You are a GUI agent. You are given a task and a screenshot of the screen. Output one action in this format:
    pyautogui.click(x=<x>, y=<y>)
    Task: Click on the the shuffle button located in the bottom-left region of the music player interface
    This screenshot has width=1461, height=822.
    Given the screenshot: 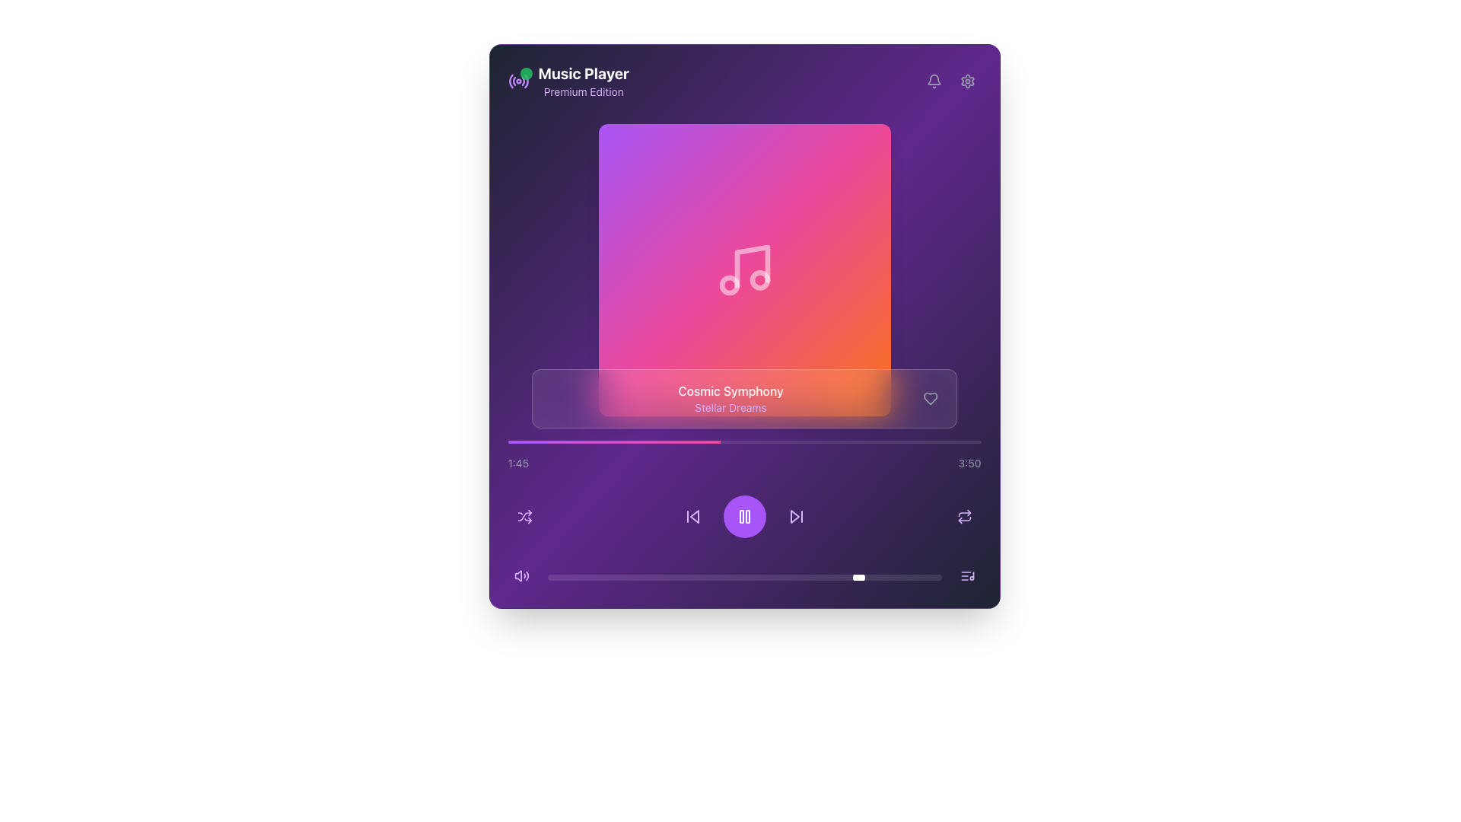 What is the action you would take?
    pyautogui.click(x=524, y=515)
    